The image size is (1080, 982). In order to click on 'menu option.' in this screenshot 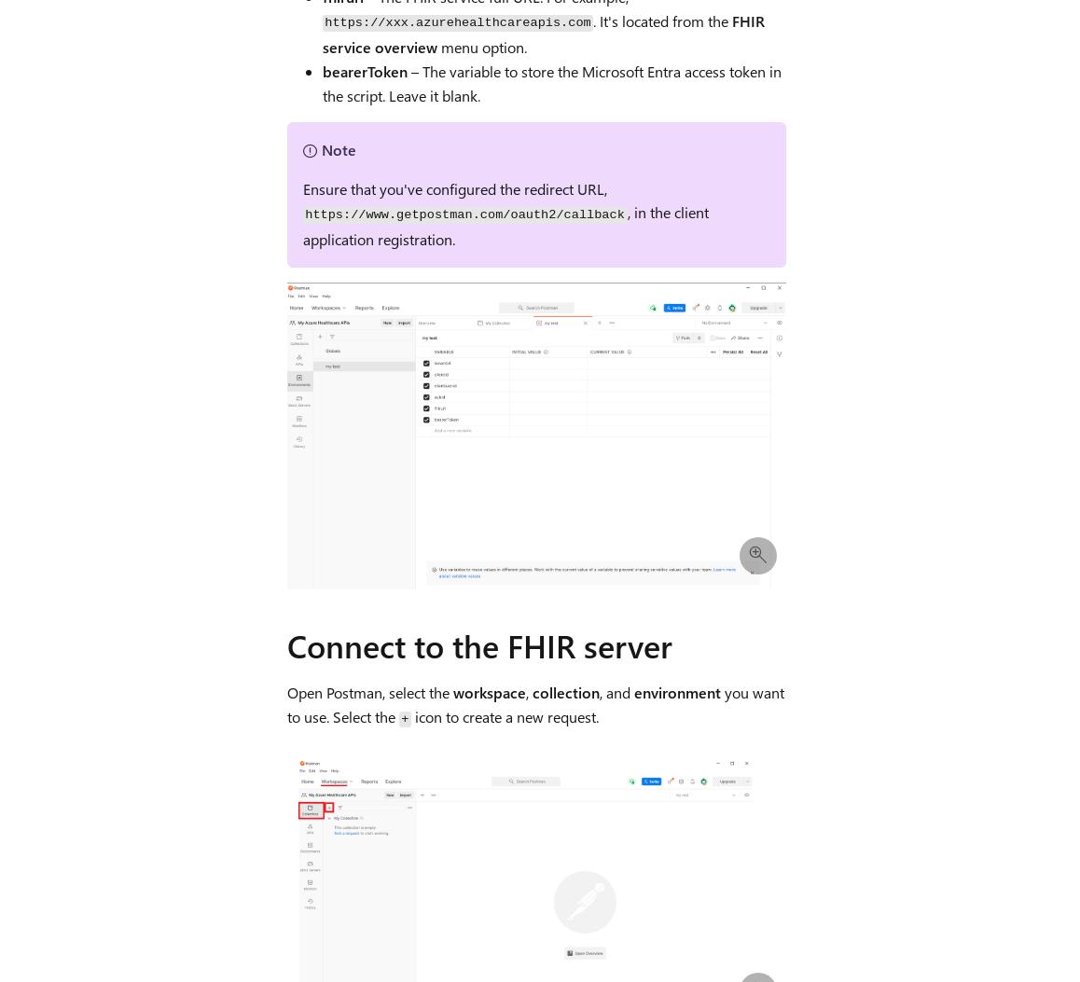, I will do `click(480, 46)`.